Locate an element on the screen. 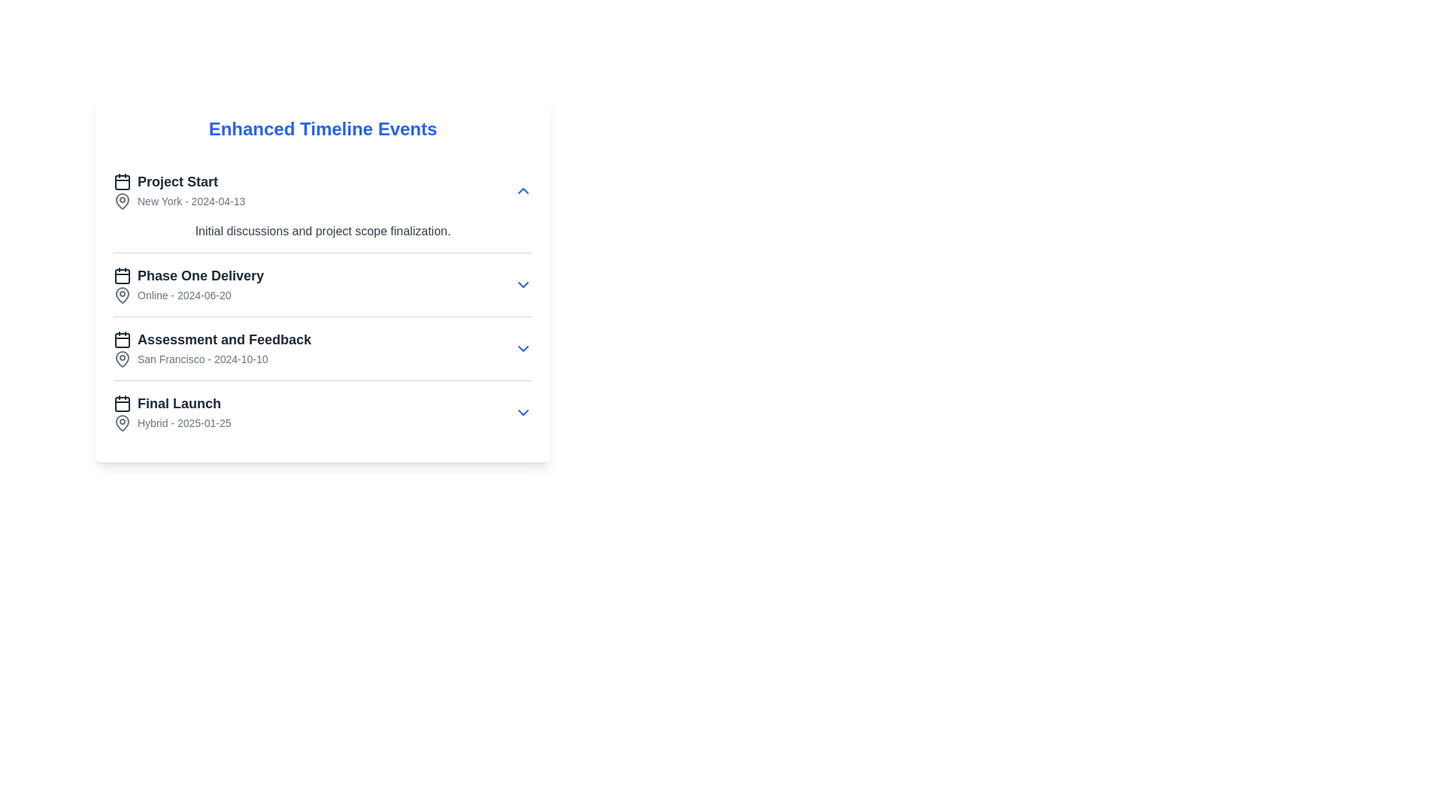 The image size is (1444, 812). the small calendar icon located to the left of the 'Final Launch' text, which is part of the fourth list item in the timeline interface is located at coordinates (123, 402).